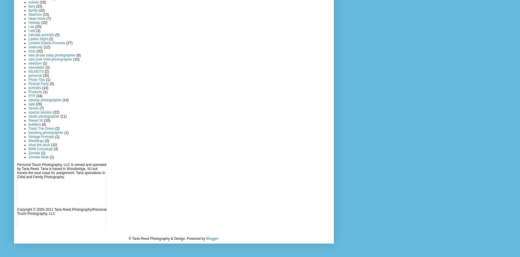 The width and height of the screenshot is (520, 257). What do you see at coordinates (36, 141) in the screenshot?
I see `'Weddings'` at bounding box center [36, 141].